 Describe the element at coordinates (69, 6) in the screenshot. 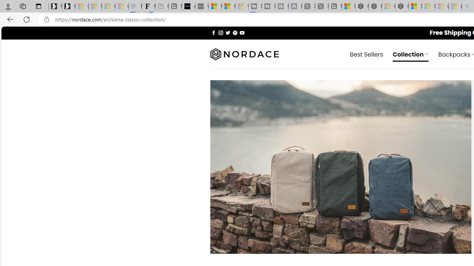

I see `'Newsletter Sign Up'` at that location.